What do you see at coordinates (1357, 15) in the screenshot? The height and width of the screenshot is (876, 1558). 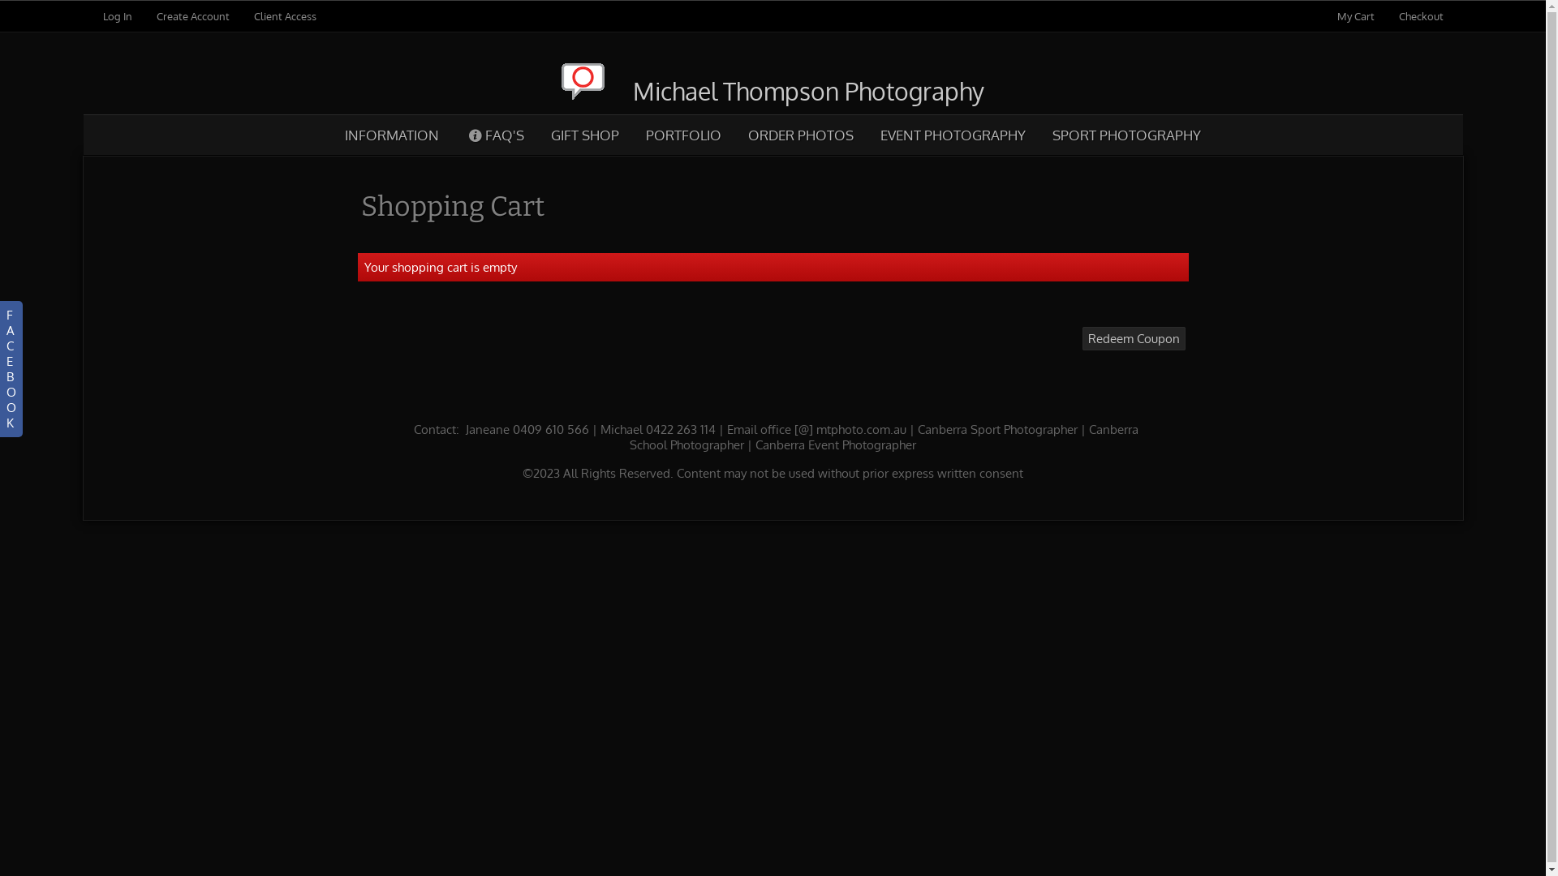 I see `'My Cart'` at bounding box center [1357, 15].